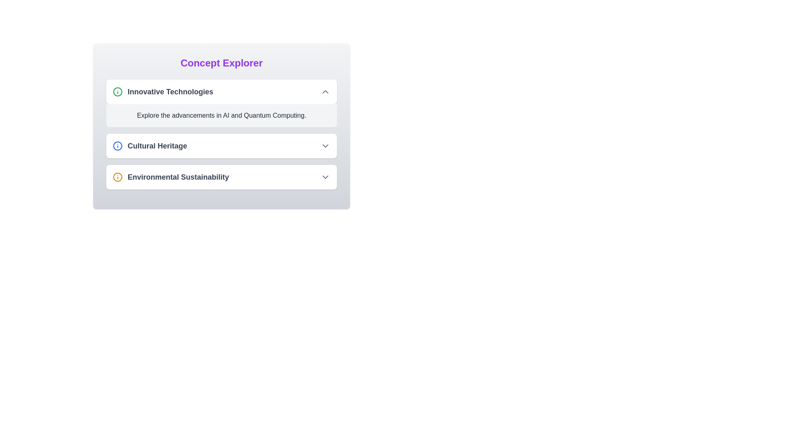 Image resolution: width=788 pixels, height=443 pixels. What do you see at coordinates (117, 91) in the screenshot?
I see `the green circular icon with an exclamation mark next to the 'Innovative Technologies' text in the 'Concept Explorer' section` at bounding box center [117, 91].